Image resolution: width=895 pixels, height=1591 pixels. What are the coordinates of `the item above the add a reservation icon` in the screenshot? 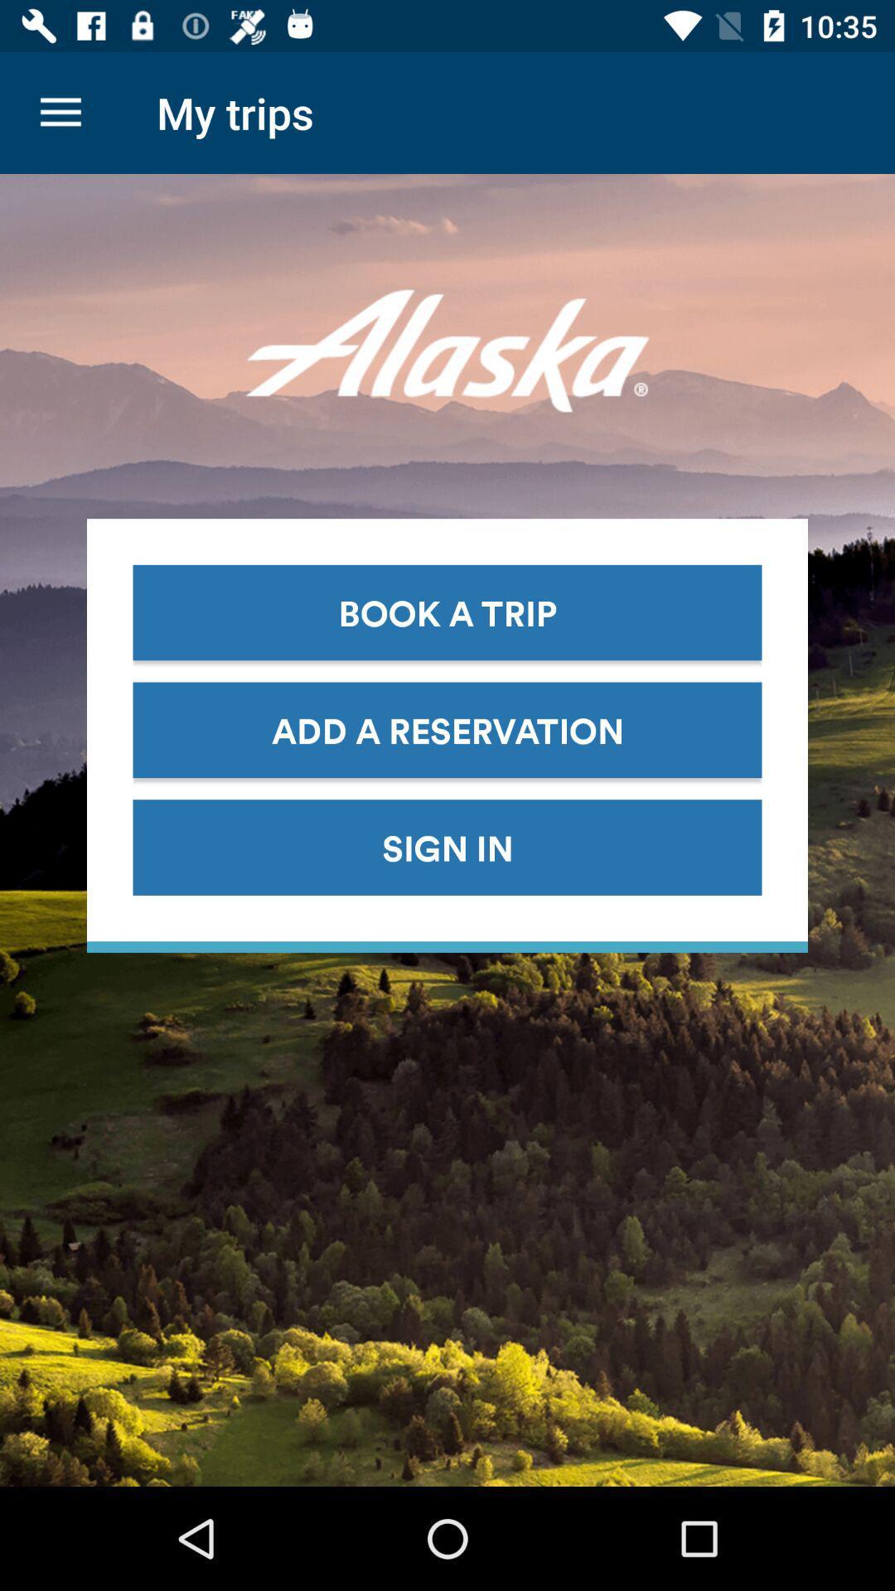 It's located at (447, 612).